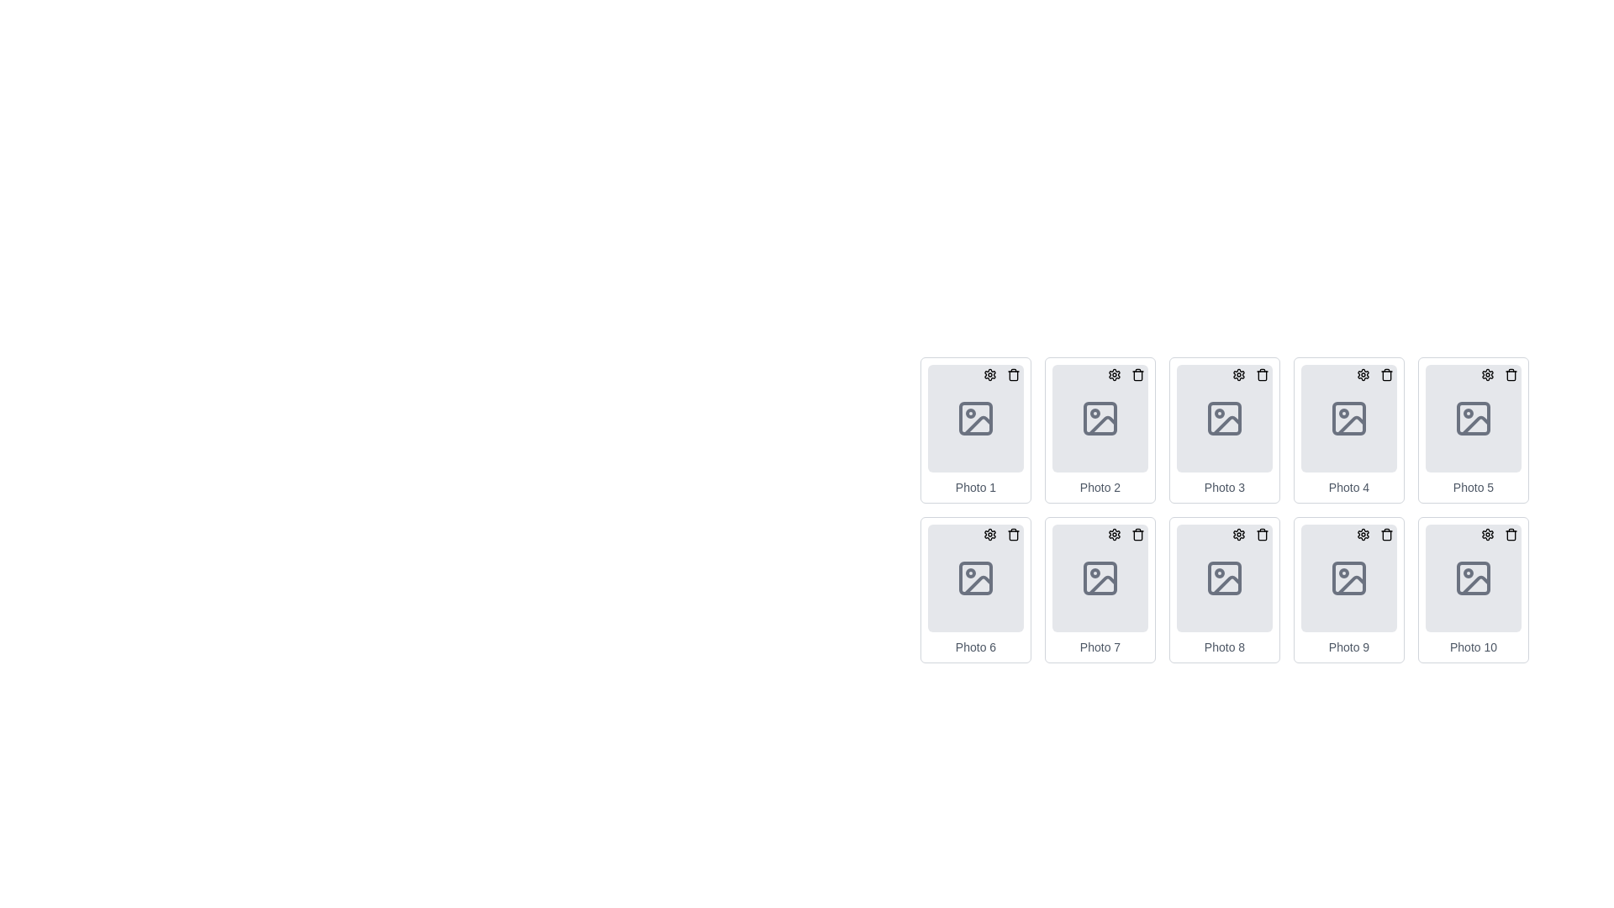  I want to click on the gear-shaped icon located in the upper-right corner of the 'Photo 2' card, so click(1114, 374).